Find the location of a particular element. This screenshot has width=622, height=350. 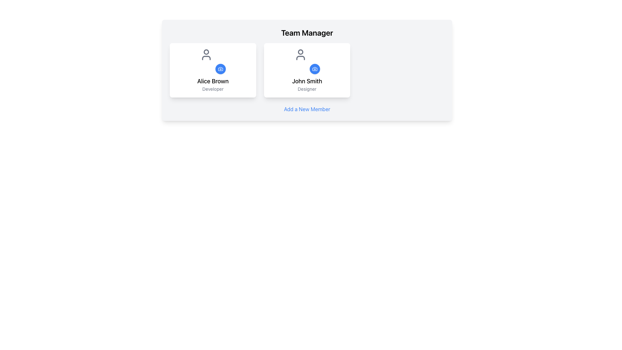

the photography-related icon located at the top right of the 'John Smith' card under the 'Team Manager' heading is located at coordinates (315, 69).